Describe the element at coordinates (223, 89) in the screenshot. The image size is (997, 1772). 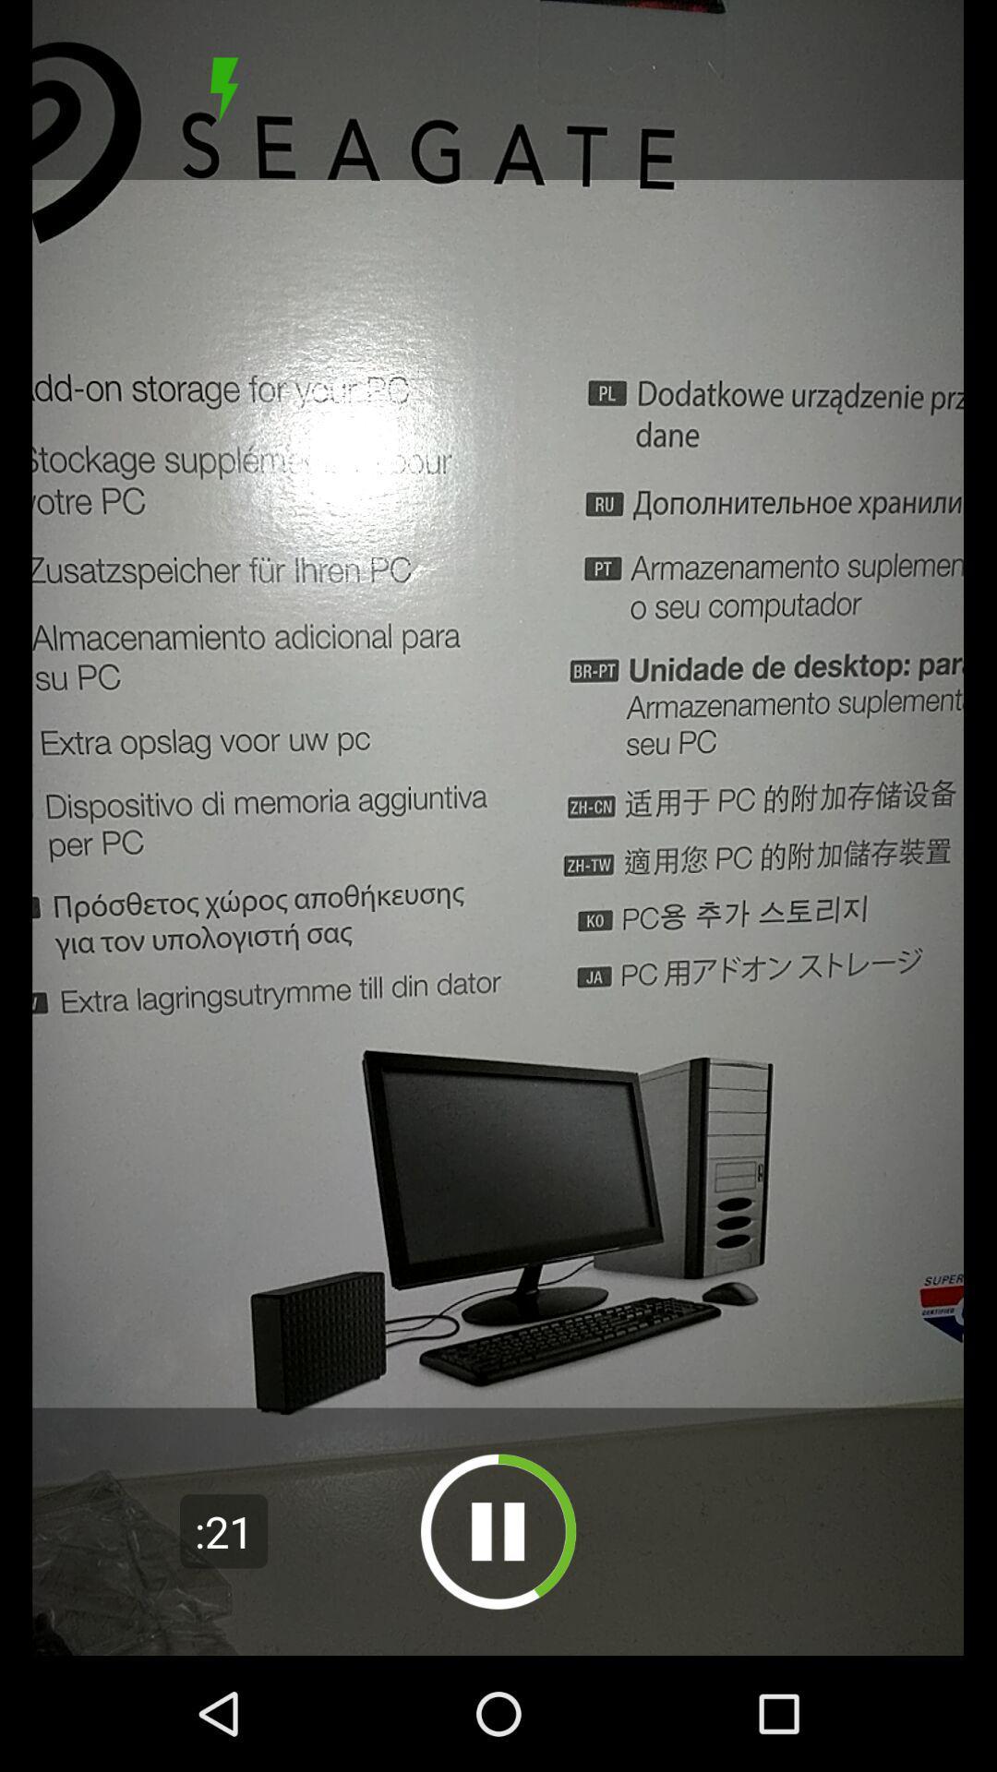
I see `power` at that location.